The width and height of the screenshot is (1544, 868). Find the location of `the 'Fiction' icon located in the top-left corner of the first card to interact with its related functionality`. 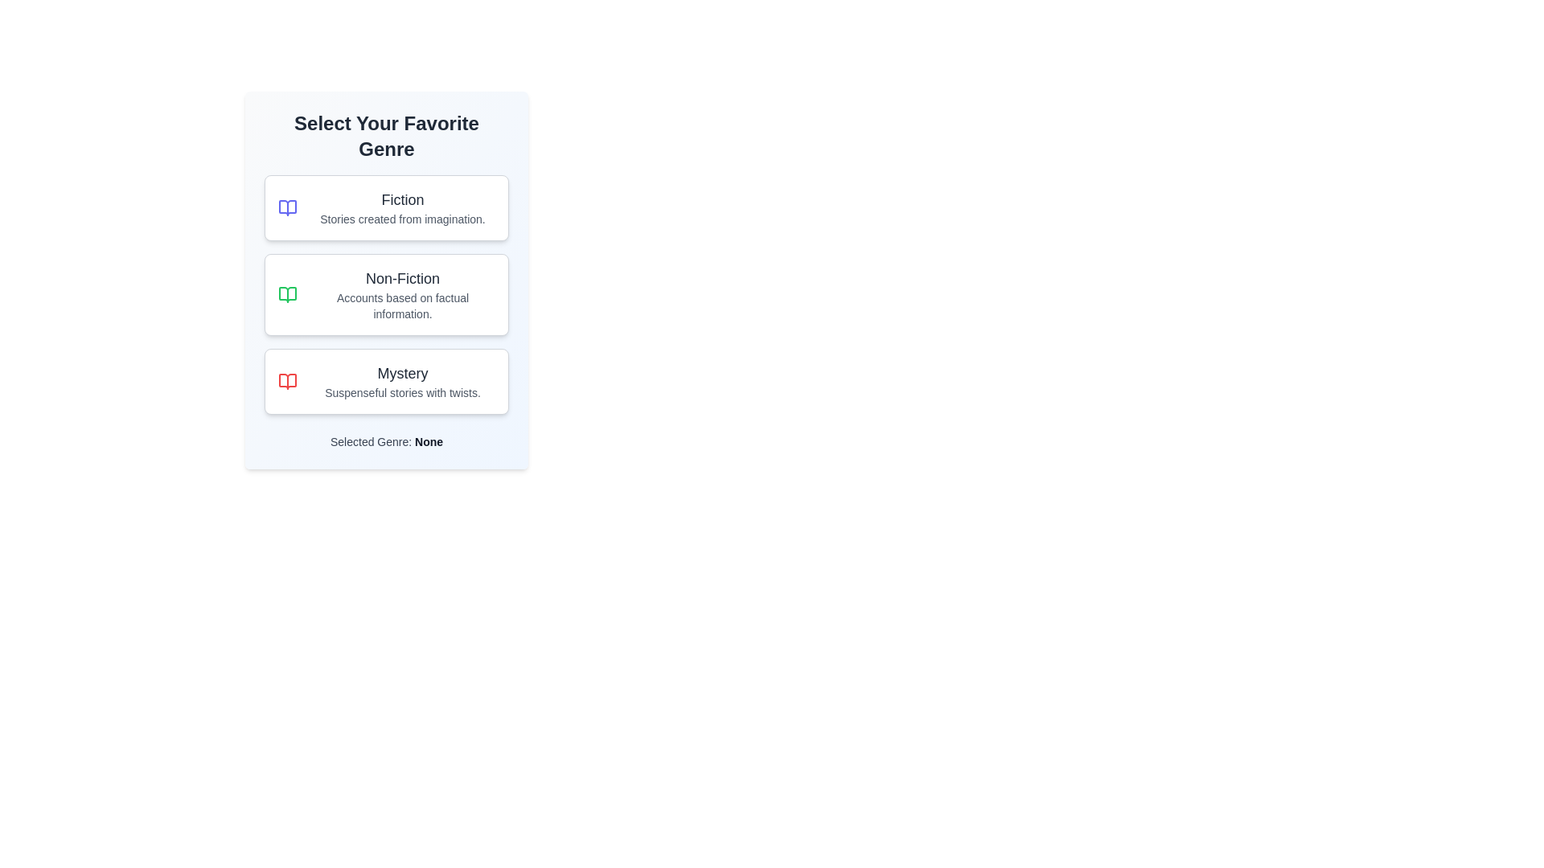

the 'Fiction' icon located in the top-left corner of the first card to interact with its related functionality is located at coordinates (288, 207).